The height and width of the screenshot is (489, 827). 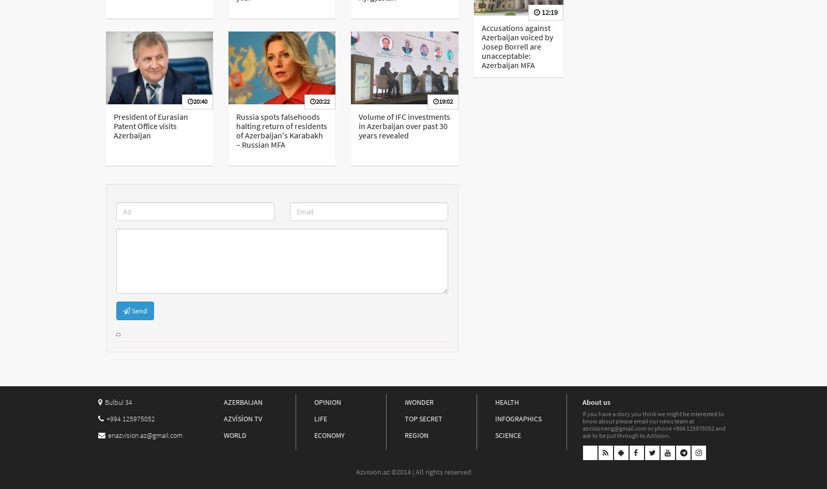 I want to click on 'REGION', so click(x=416, y=435).